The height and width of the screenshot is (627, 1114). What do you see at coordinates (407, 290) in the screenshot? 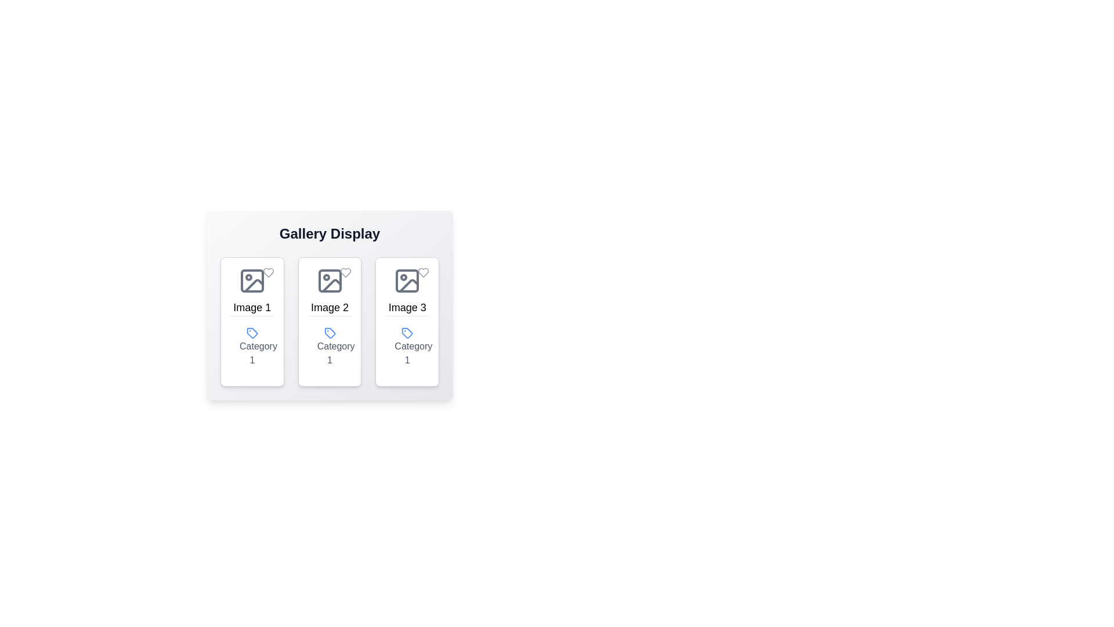
I see `the gallery item labeled 'Image 3', which features a grey image icon above the text` at bounding box center [407, 290].